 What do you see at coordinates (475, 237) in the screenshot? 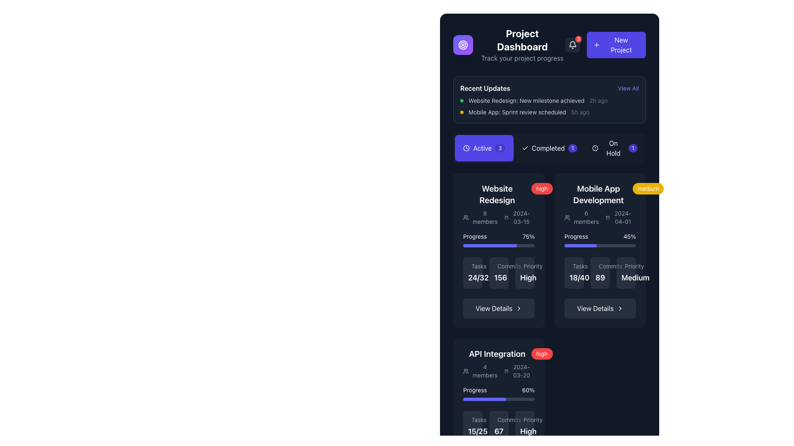
I see `the text label displaying 'Progress', which is styled with white text on a dark background and located within the 'Website Redesign' card, to the left of the numerical percentage '75%'` at bounding box center [475, 237].